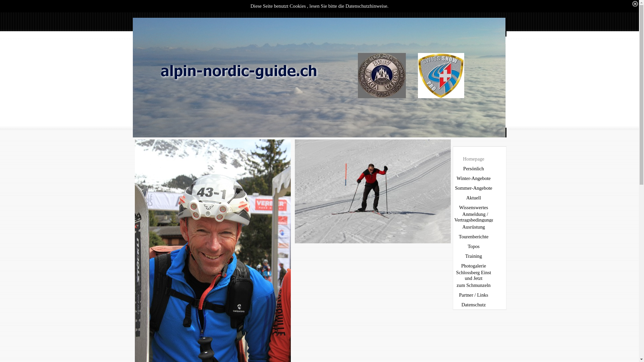  I want to click on 'zum Schmunzeln', so click(474, 285).